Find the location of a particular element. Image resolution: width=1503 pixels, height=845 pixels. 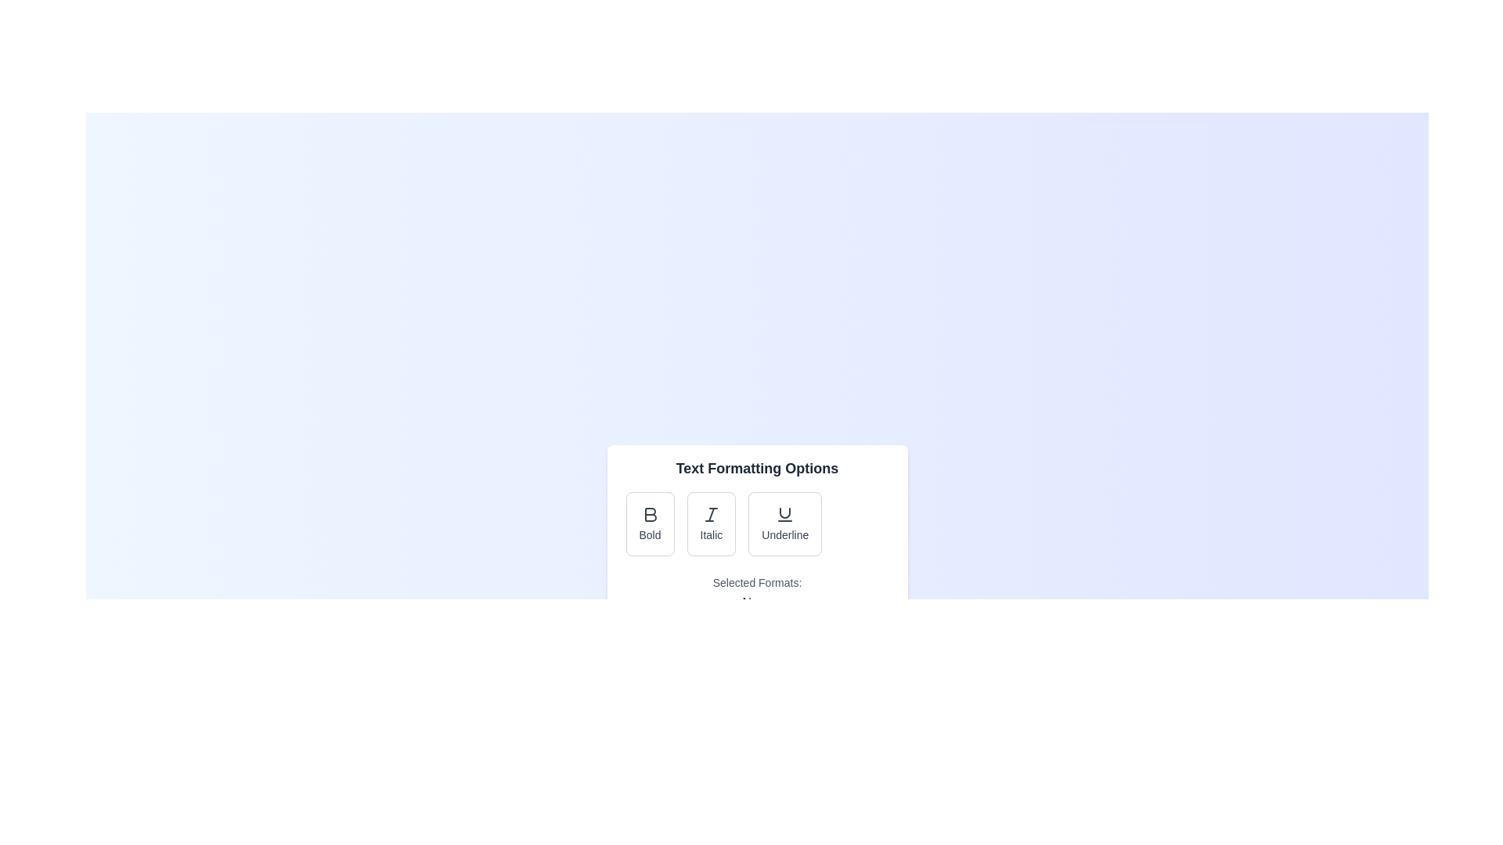

the Italic button to toggle its formatting state is located at coordinates (710, 524).